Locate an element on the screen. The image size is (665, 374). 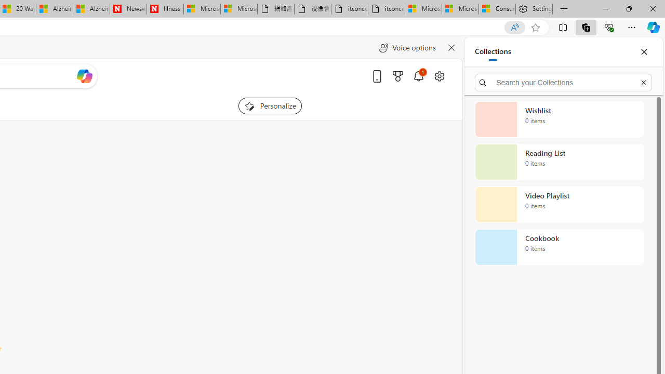
'Cookbook collection, 0 items' is located at coordinates (559, 247).